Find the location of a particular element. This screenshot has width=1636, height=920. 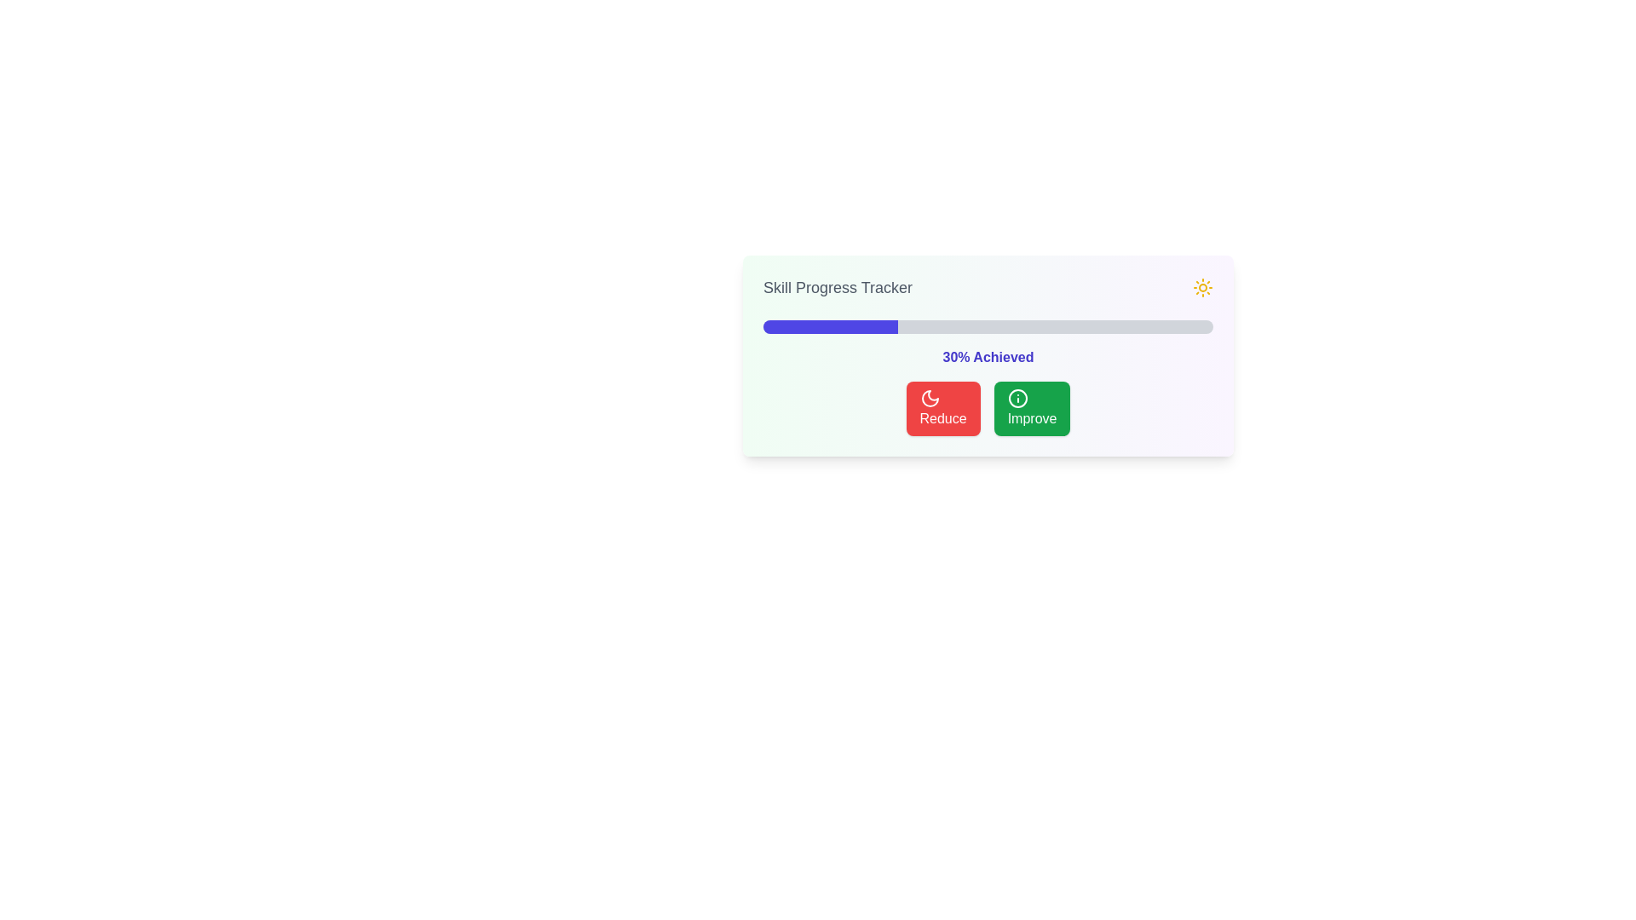

the text label displaying '30% Achieved' that is styled in bold indigo color, located within the progress tracker section beneath the progress bar is located at coordinates (988, 357).